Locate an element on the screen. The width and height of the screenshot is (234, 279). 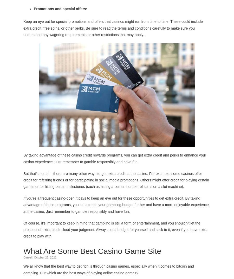
'We all know that the best way to get rich is through casino games, especially when it comes to bitcoin and gambling. But which are the best ways of playing online casino games?' is located at coordinates (108, 269).